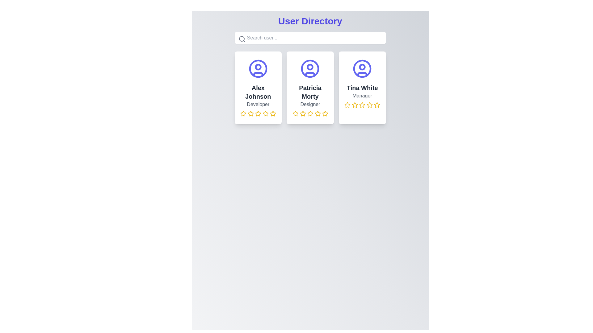  I want to click on the third yellow filled star icon in the rating system located at the bottom of Patricia Morty's user card to interact with the rating system, so click(310, 114).